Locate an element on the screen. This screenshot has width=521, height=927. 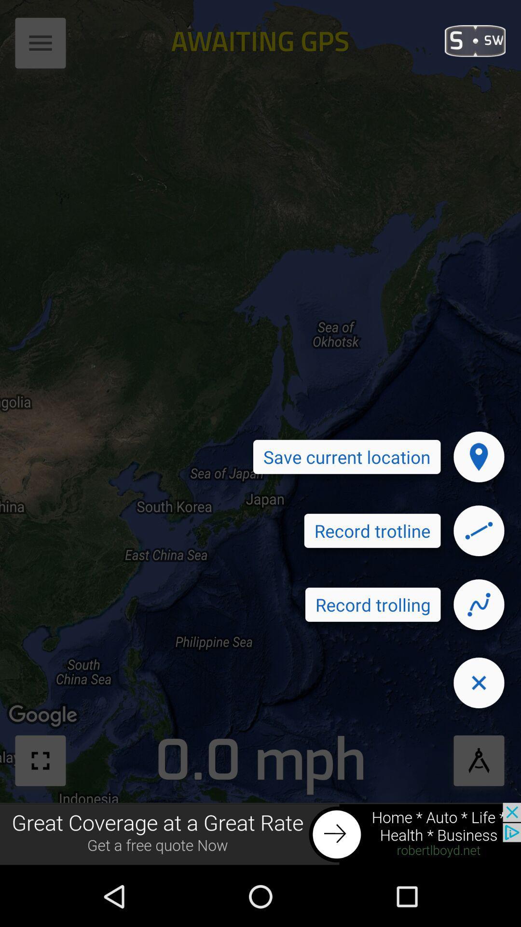
the icon next to record trolling is located at coordinates (479, 604).